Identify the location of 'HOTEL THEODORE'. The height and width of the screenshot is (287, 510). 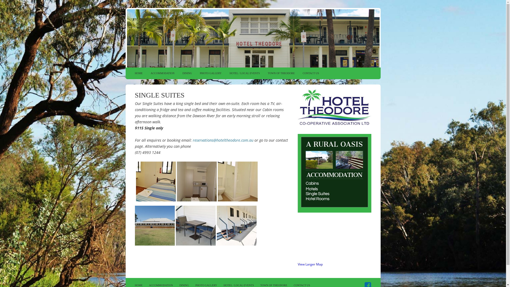
(252, 37).